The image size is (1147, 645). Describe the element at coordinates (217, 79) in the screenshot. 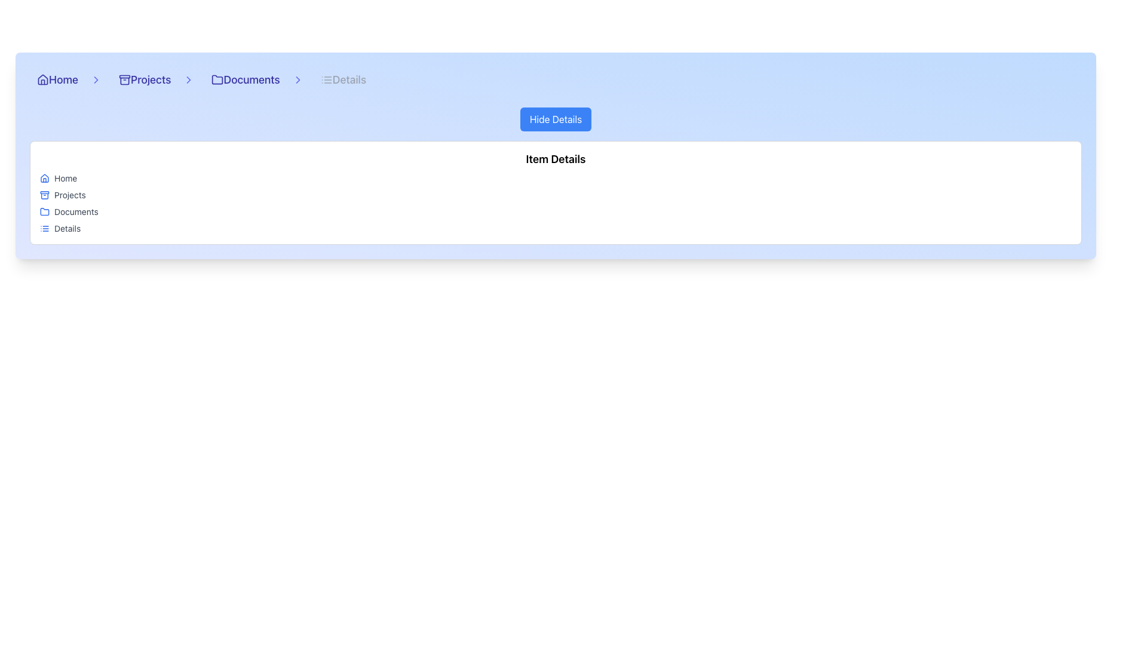

I see `the yellowish folder icon in the breadcrumb navigation bar that represents the 'Documents' segment, positioned between 'Projects' and 'Details'` at that location.